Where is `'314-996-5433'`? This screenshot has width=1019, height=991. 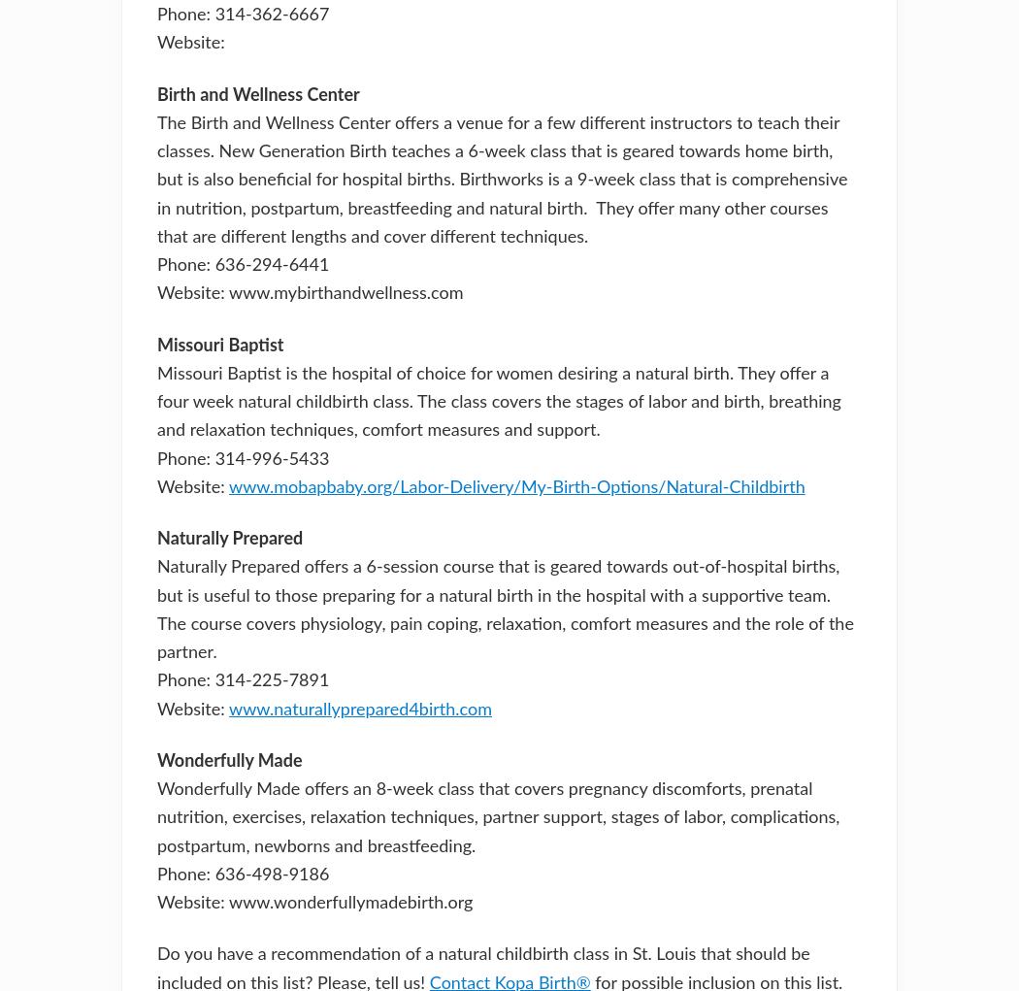
'314-996-5433' is located at coordinates (271, 458).